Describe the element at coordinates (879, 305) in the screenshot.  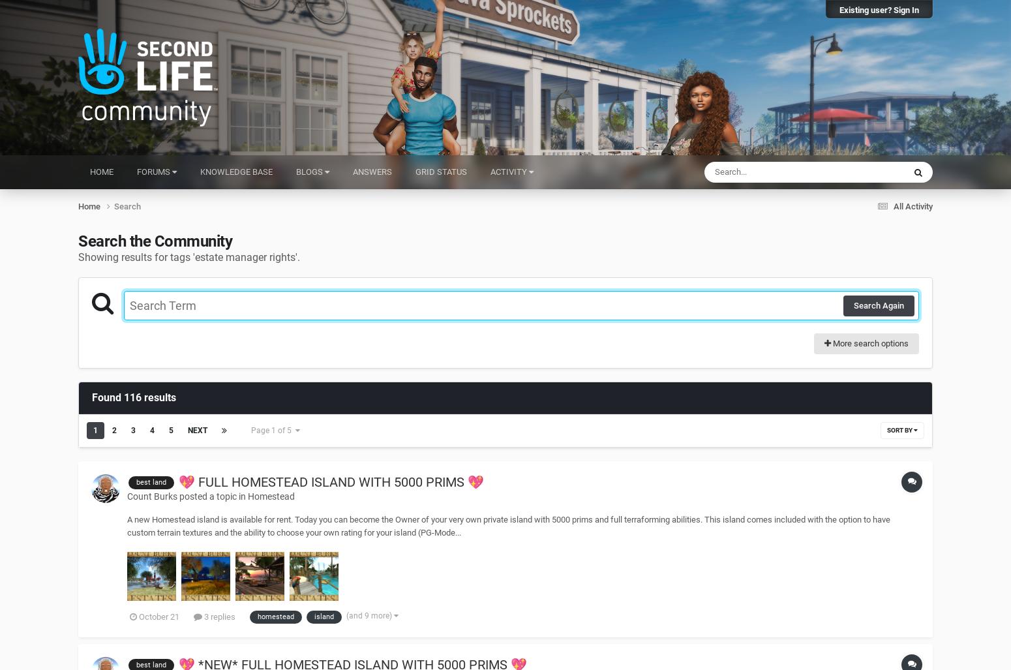
I see `'Search Again'` at that location.